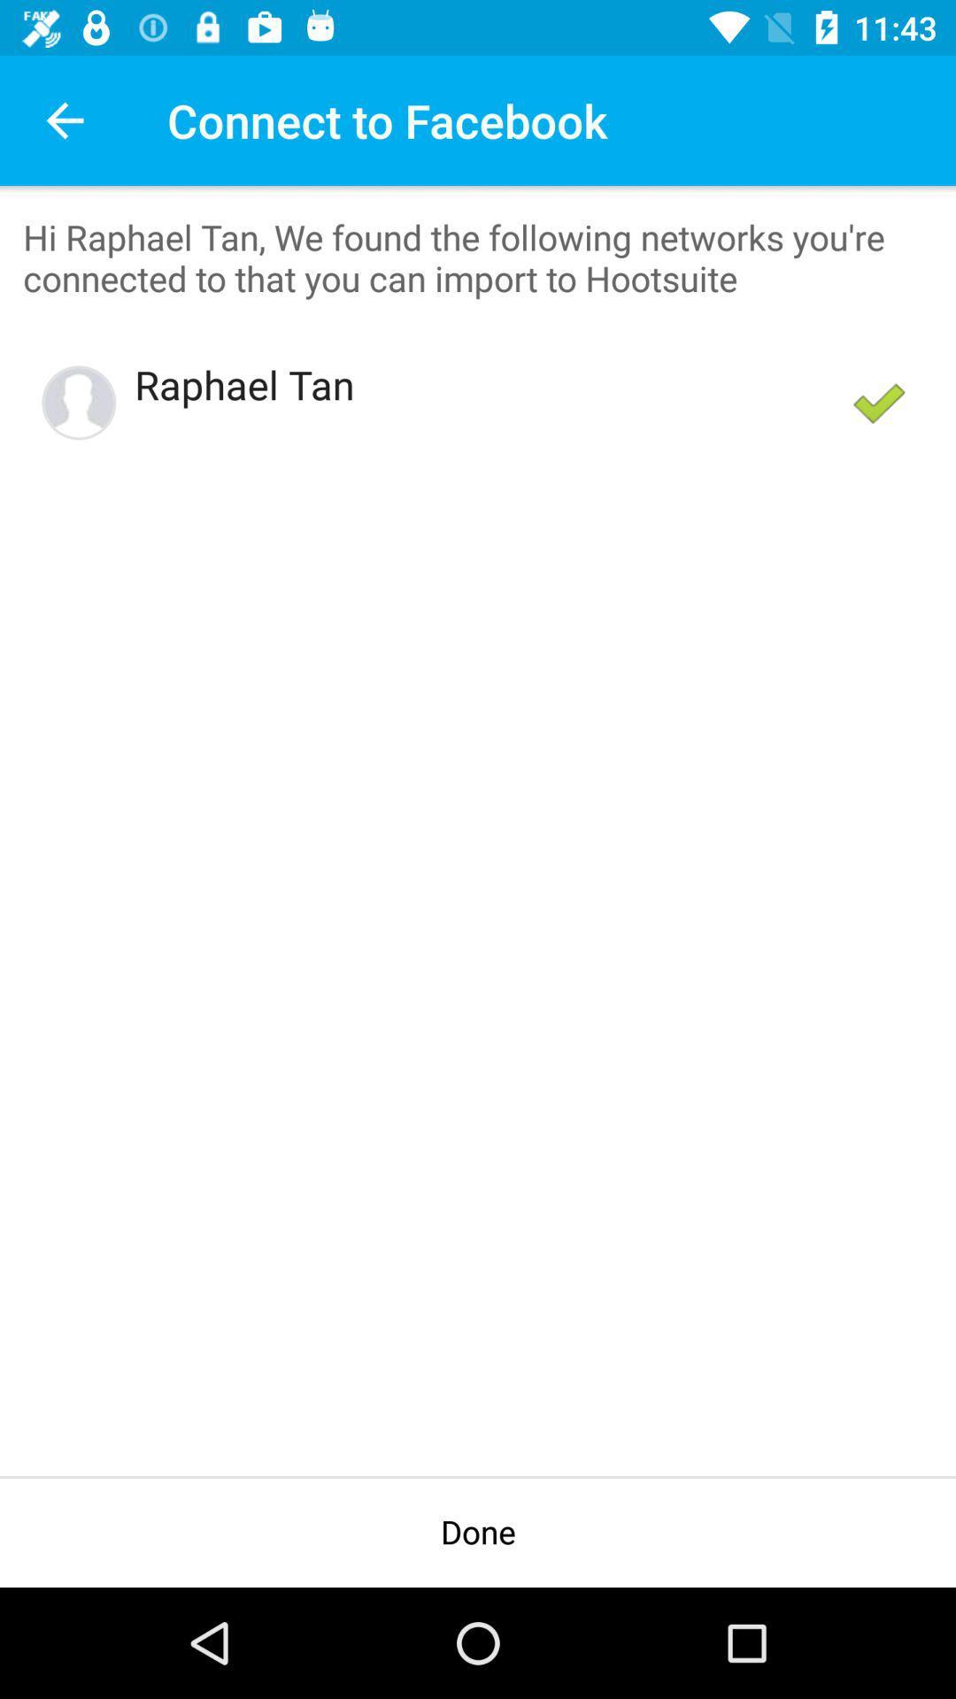  What do you see at coordinates (879, 401) in the screenshot?
I see `the check icon` at bounding box center [879, 401].